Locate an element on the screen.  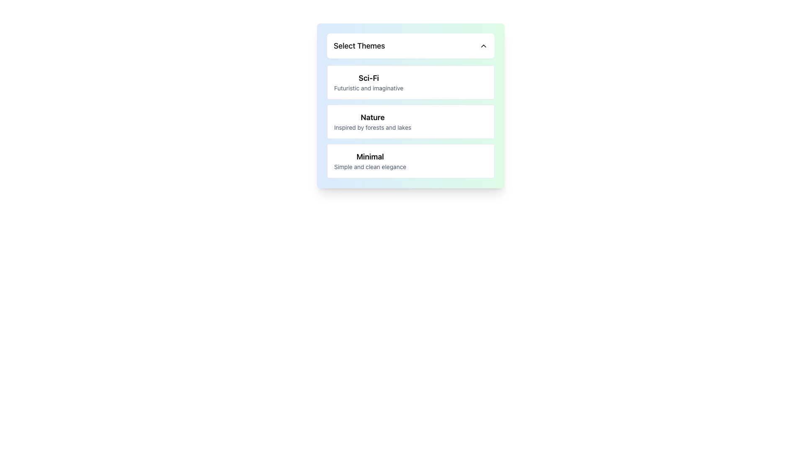
the Chevron Up icon located to the right of the 'Select Themes' text is located at coordinates (484, 46).